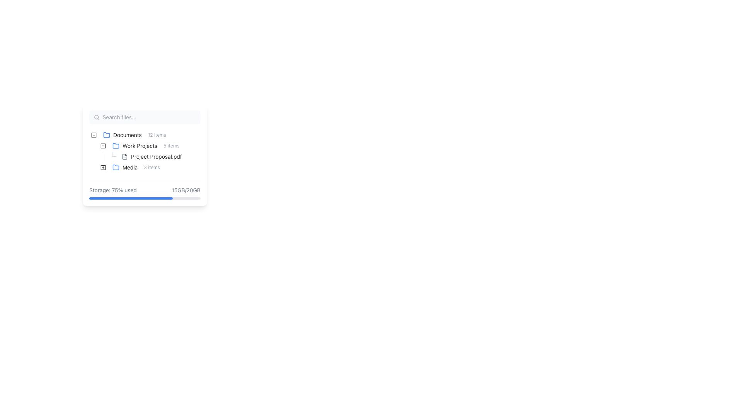 The image size is (742, 417). I want to click on the text label for 'Project Proposal.pdf', so click(155, 156).